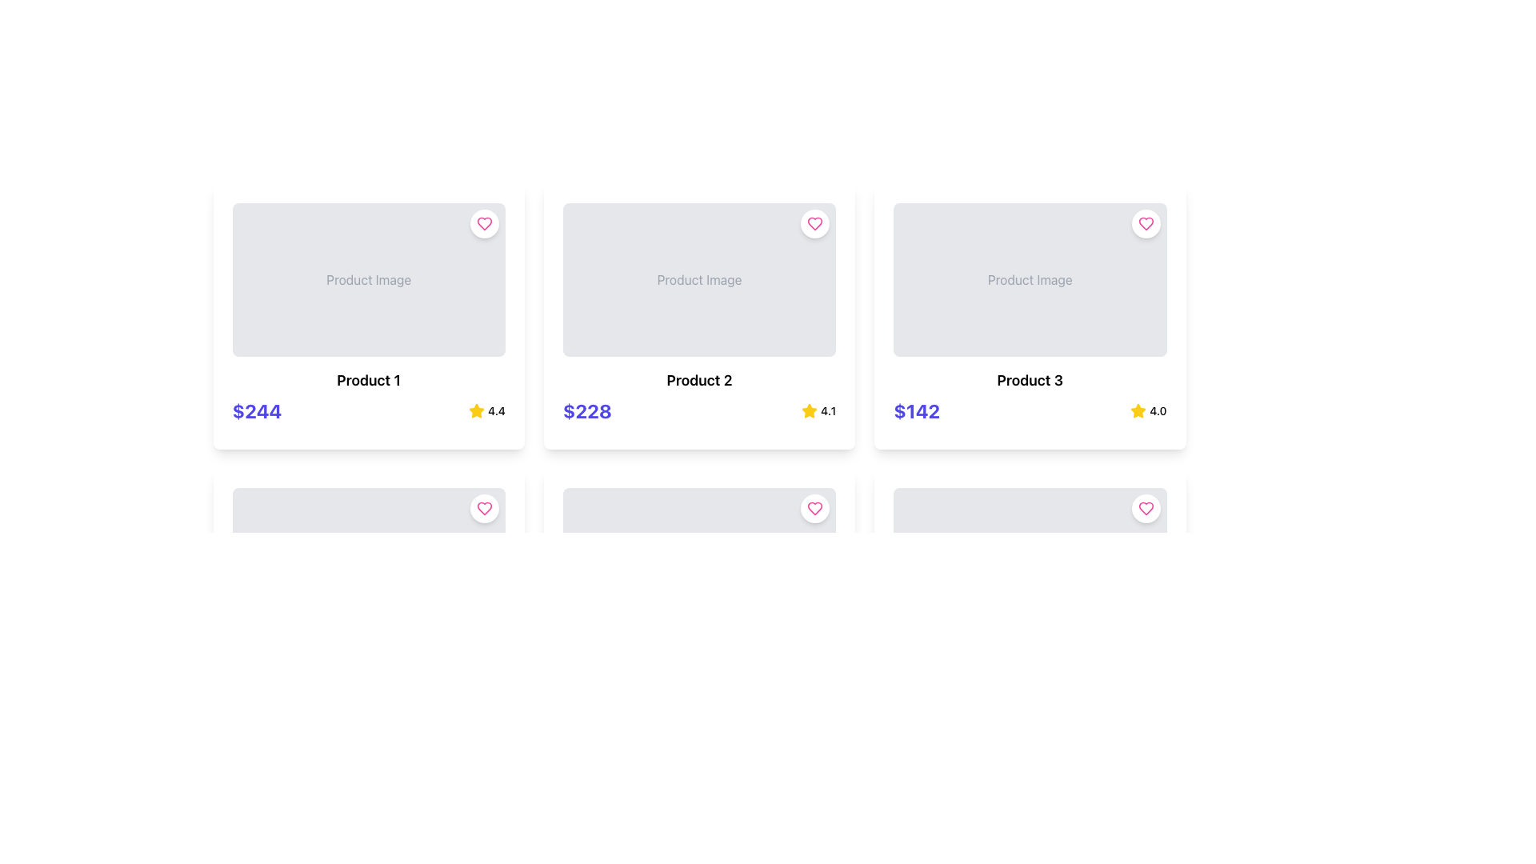 This screenshot has width=1536, height=864. I want to click on text label 'Product 1' which is prominently displayed in bold, large font within the first product card, located below the image placeholder and above the price details, so click(368, 380).